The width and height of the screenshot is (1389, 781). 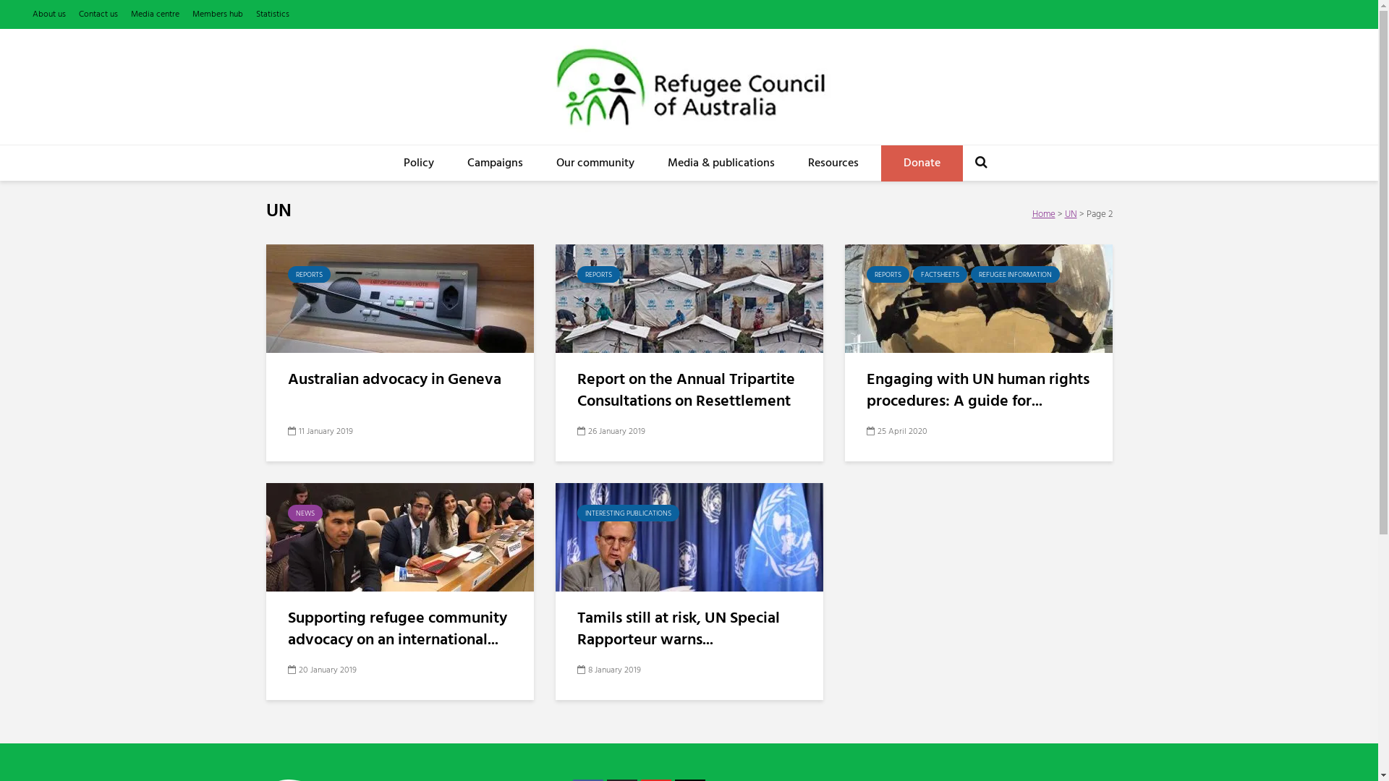 I want to click on 'REPORTS', so click(x=308, y=274).